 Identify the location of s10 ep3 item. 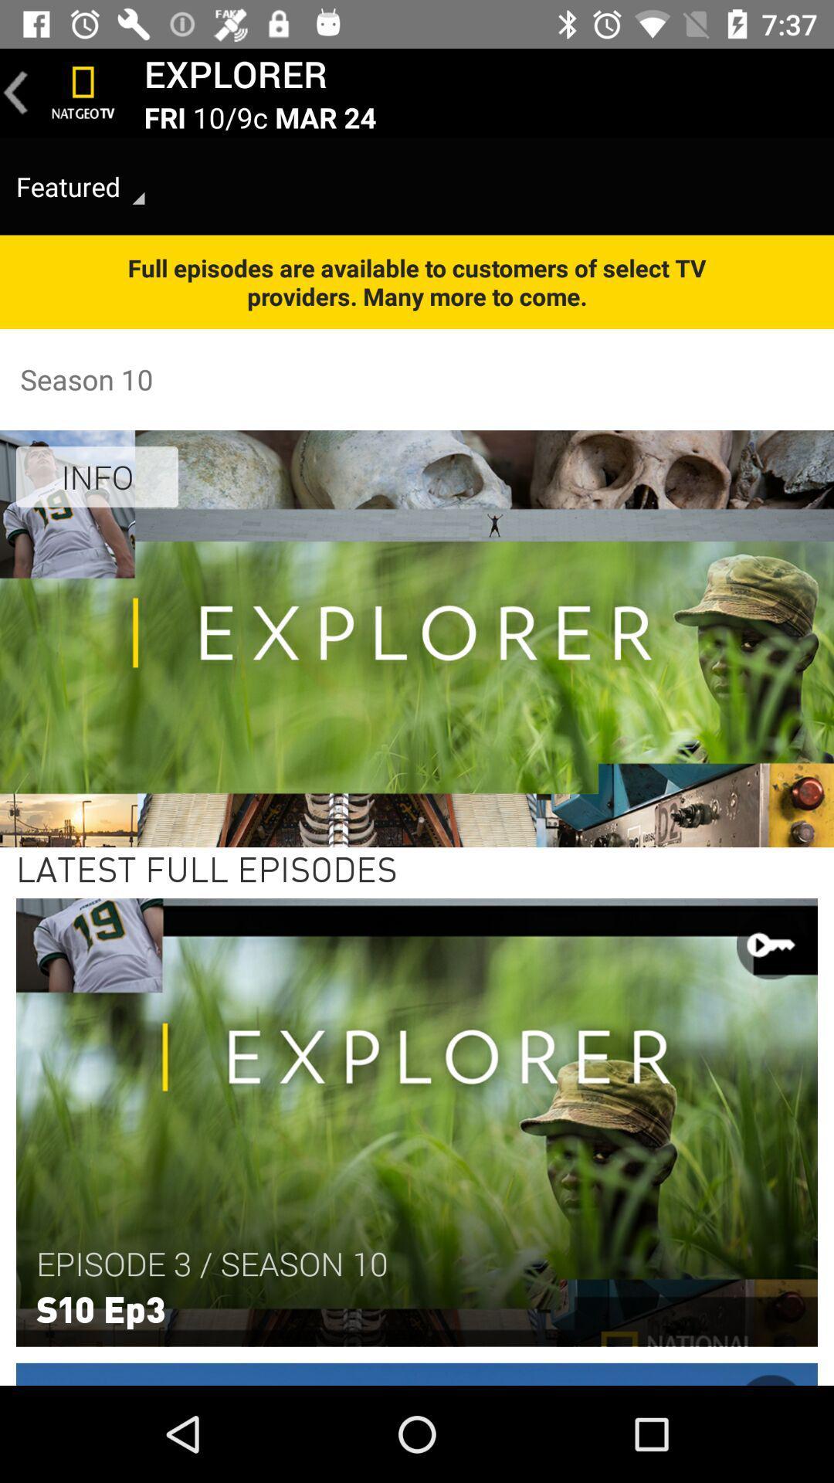
(100, 1307).